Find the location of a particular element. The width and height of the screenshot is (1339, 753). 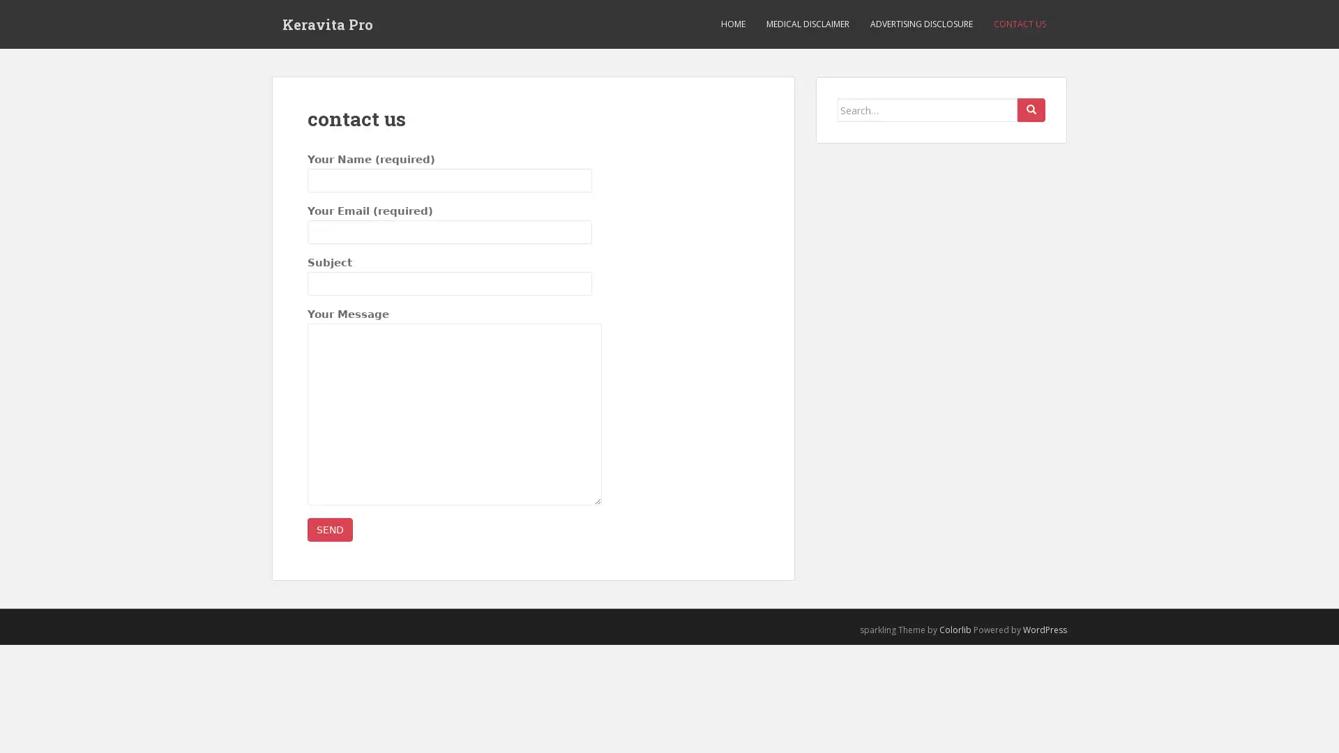

Send is located at coordinates (329, 529).